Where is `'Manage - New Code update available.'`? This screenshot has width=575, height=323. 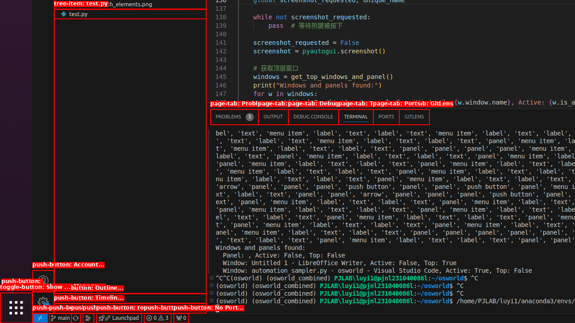
'Manage - New Code update available.' is located at coordinates (43, 302).